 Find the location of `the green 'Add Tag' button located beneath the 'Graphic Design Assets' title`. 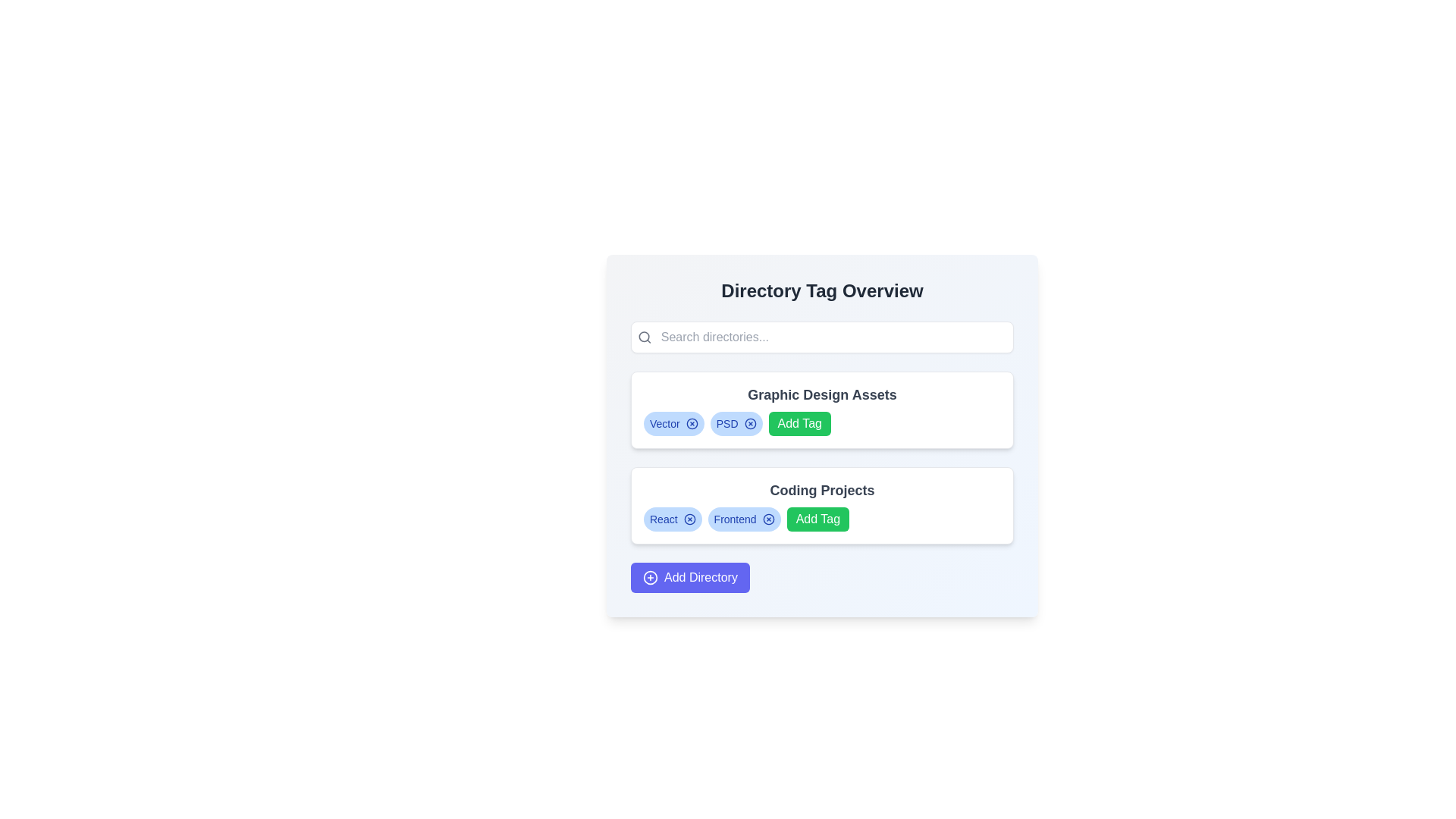

the green 'Add Tag' button located beneath the 'Graphic Design Assets' title is located at coordinates (799, 424).